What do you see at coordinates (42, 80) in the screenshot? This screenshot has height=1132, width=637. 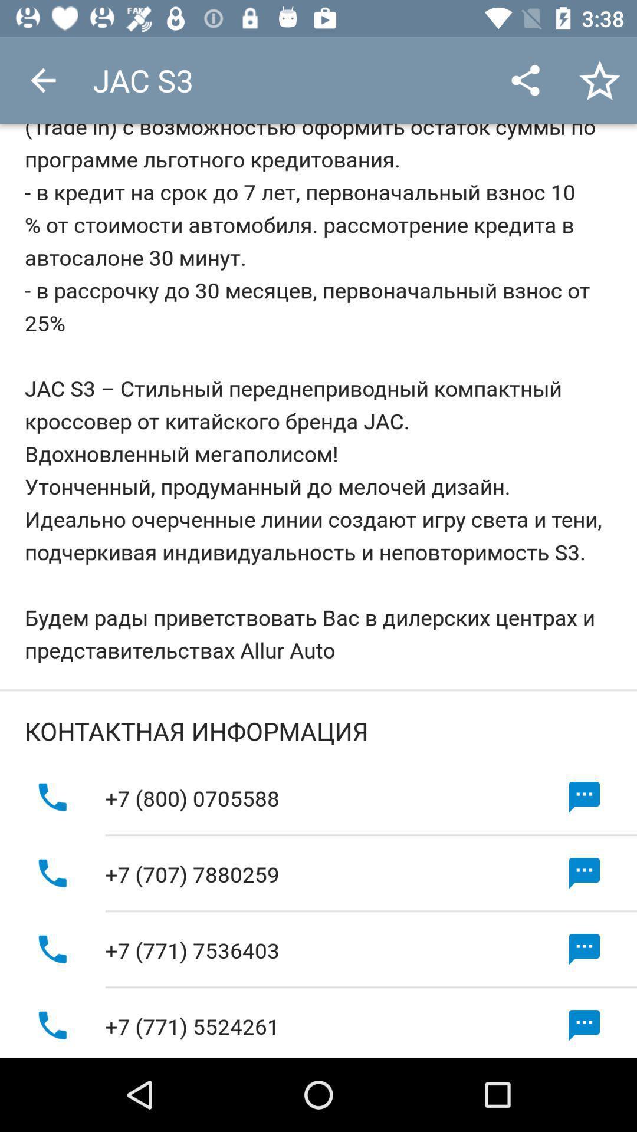 I see `icon next to jac s3 app` at bounding box center [42, 80].